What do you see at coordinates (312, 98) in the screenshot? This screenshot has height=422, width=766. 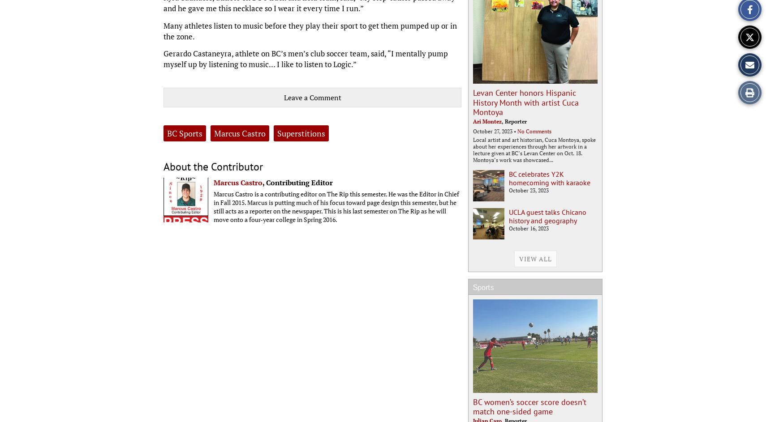 I see `'Leave a Comment'` at bounding box center [312, 98].